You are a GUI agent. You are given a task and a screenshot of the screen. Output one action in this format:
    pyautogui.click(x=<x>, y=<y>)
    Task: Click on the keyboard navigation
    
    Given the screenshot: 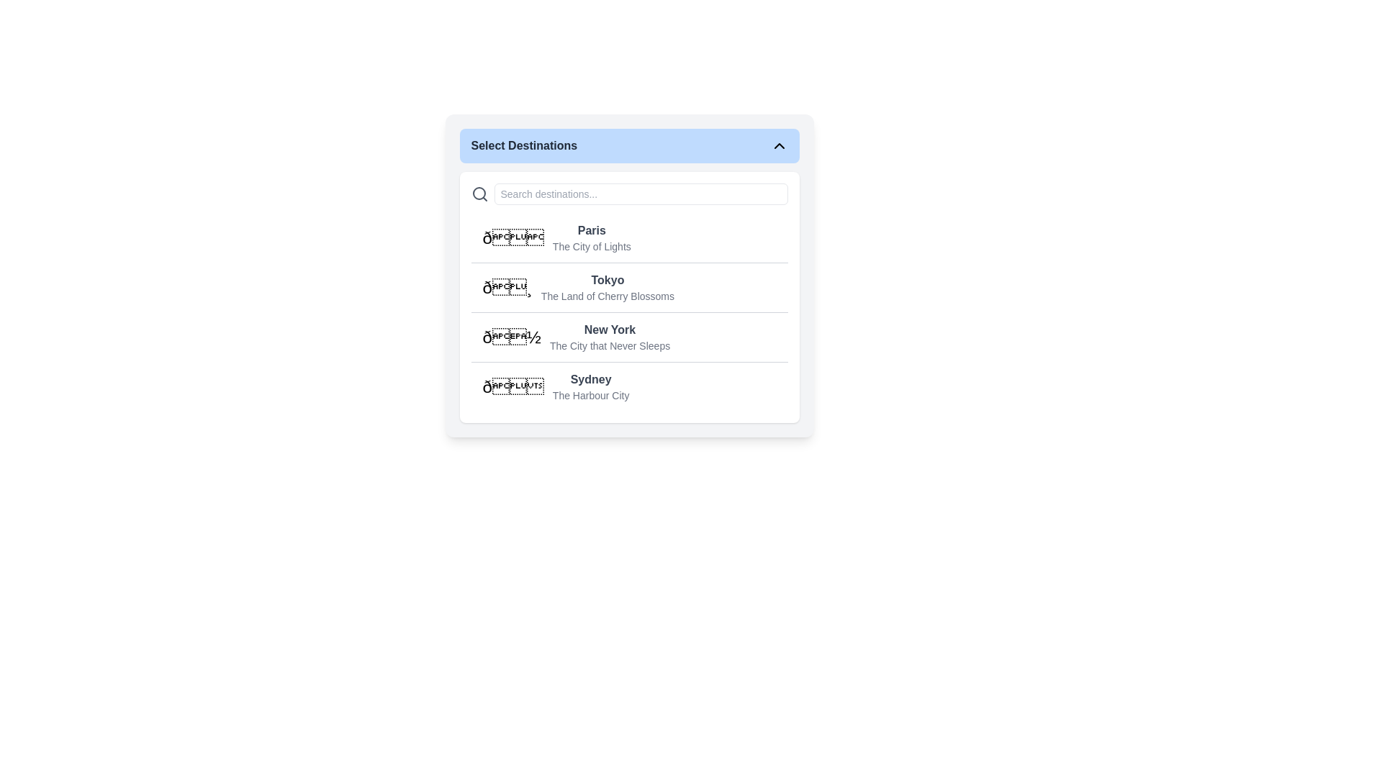 What is the action you would take?
    pyautogui.click(x=629, y=237)
    